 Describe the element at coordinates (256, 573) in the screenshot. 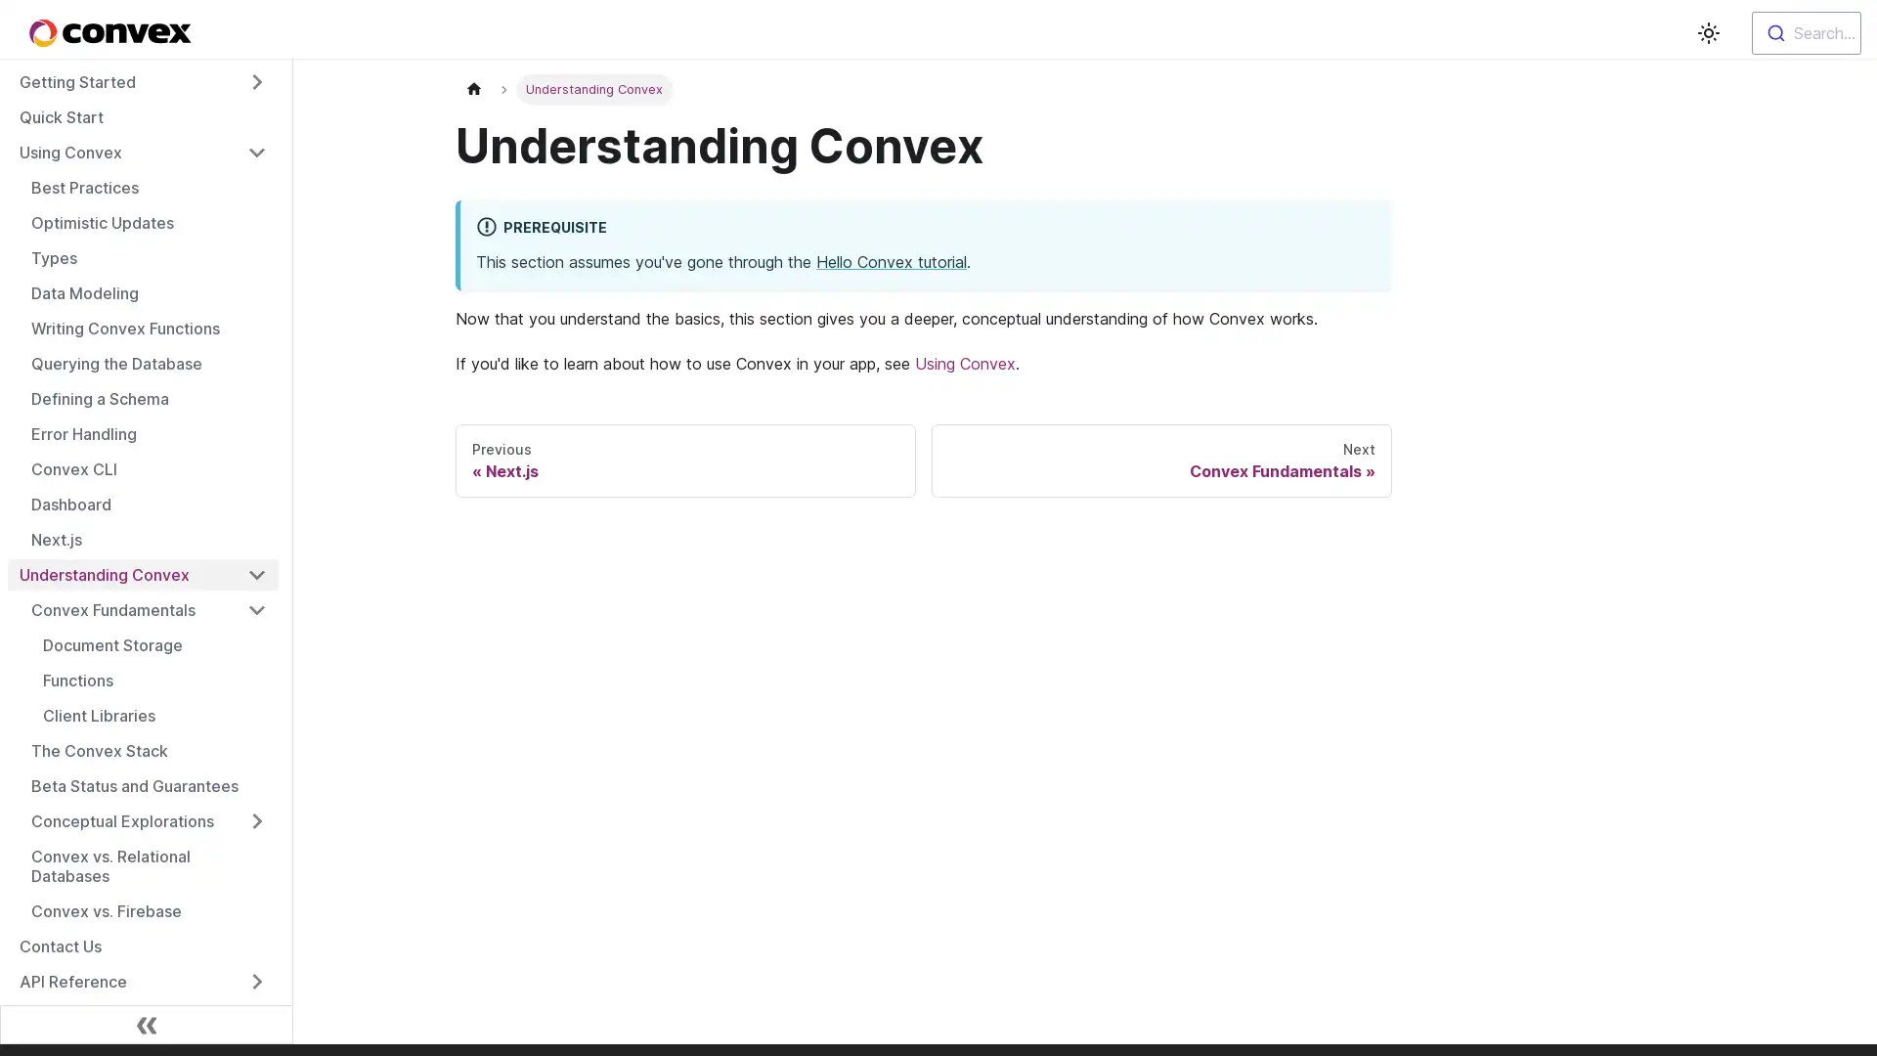

I see `Toggle the collapsible sidebar category 'Understanding Convex'` at that location.